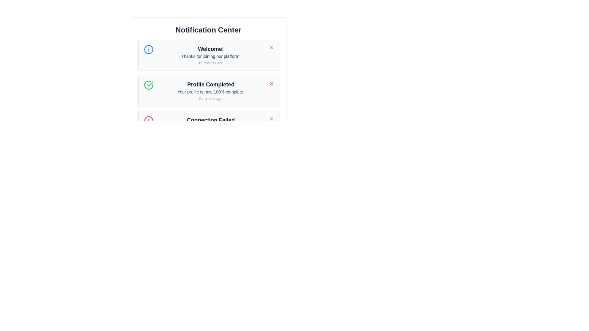 This screenshot has height=331, width=589. I want to click on the header text element that displays 'Welcome!' in a bold, large font as the main header of the notification card, so click(211, 48).